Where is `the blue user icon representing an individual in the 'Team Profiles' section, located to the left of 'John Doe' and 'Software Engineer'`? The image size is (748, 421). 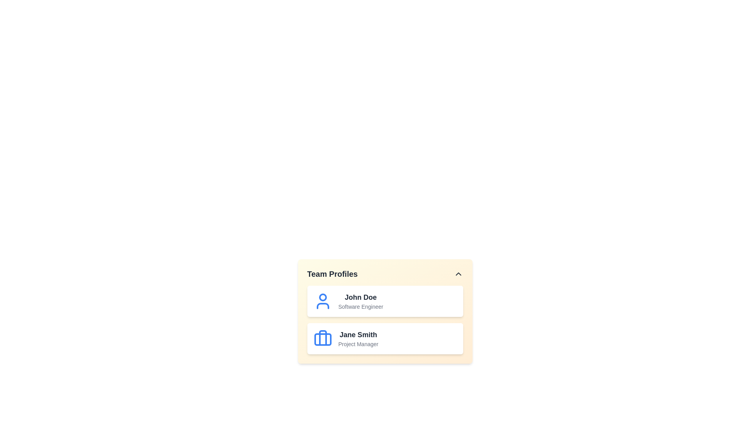 the blue user icon representing an individual in the 'Team Profiles' section, located to the left of 'John Doe' and 'Software Engineer' is located at coordinates (323, 301).